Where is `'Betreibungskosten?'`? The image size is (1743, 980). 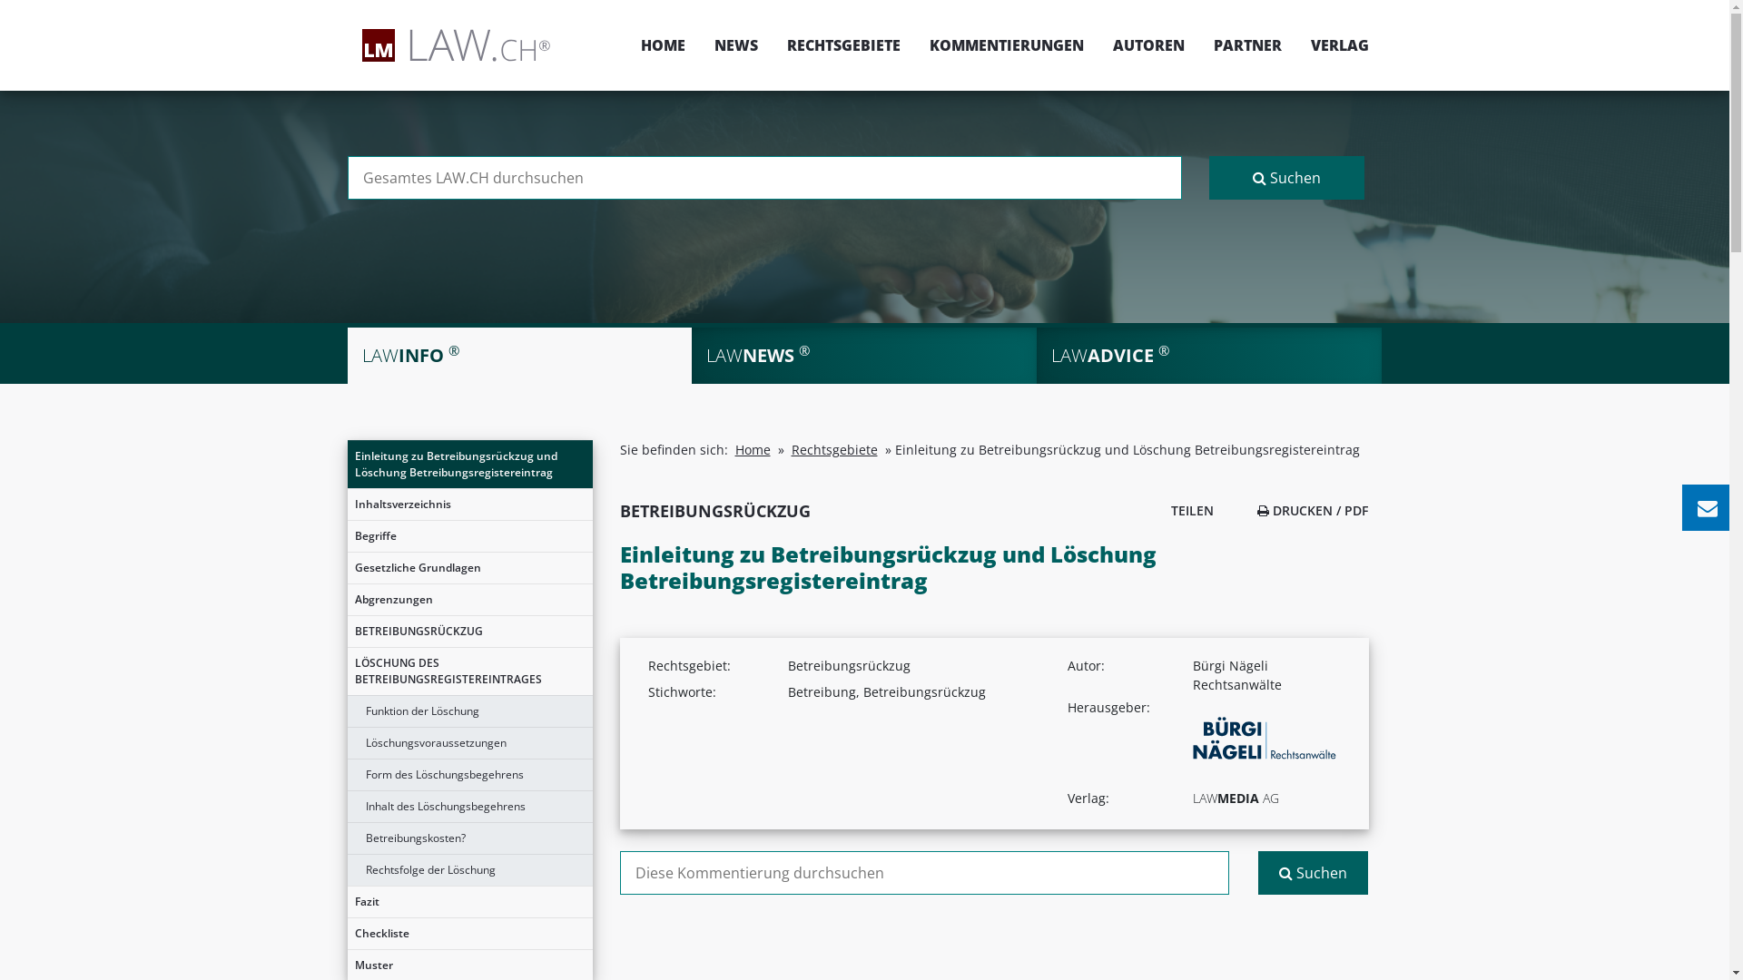 'Betreibungskosten?' is located at coordinates (469, 838).